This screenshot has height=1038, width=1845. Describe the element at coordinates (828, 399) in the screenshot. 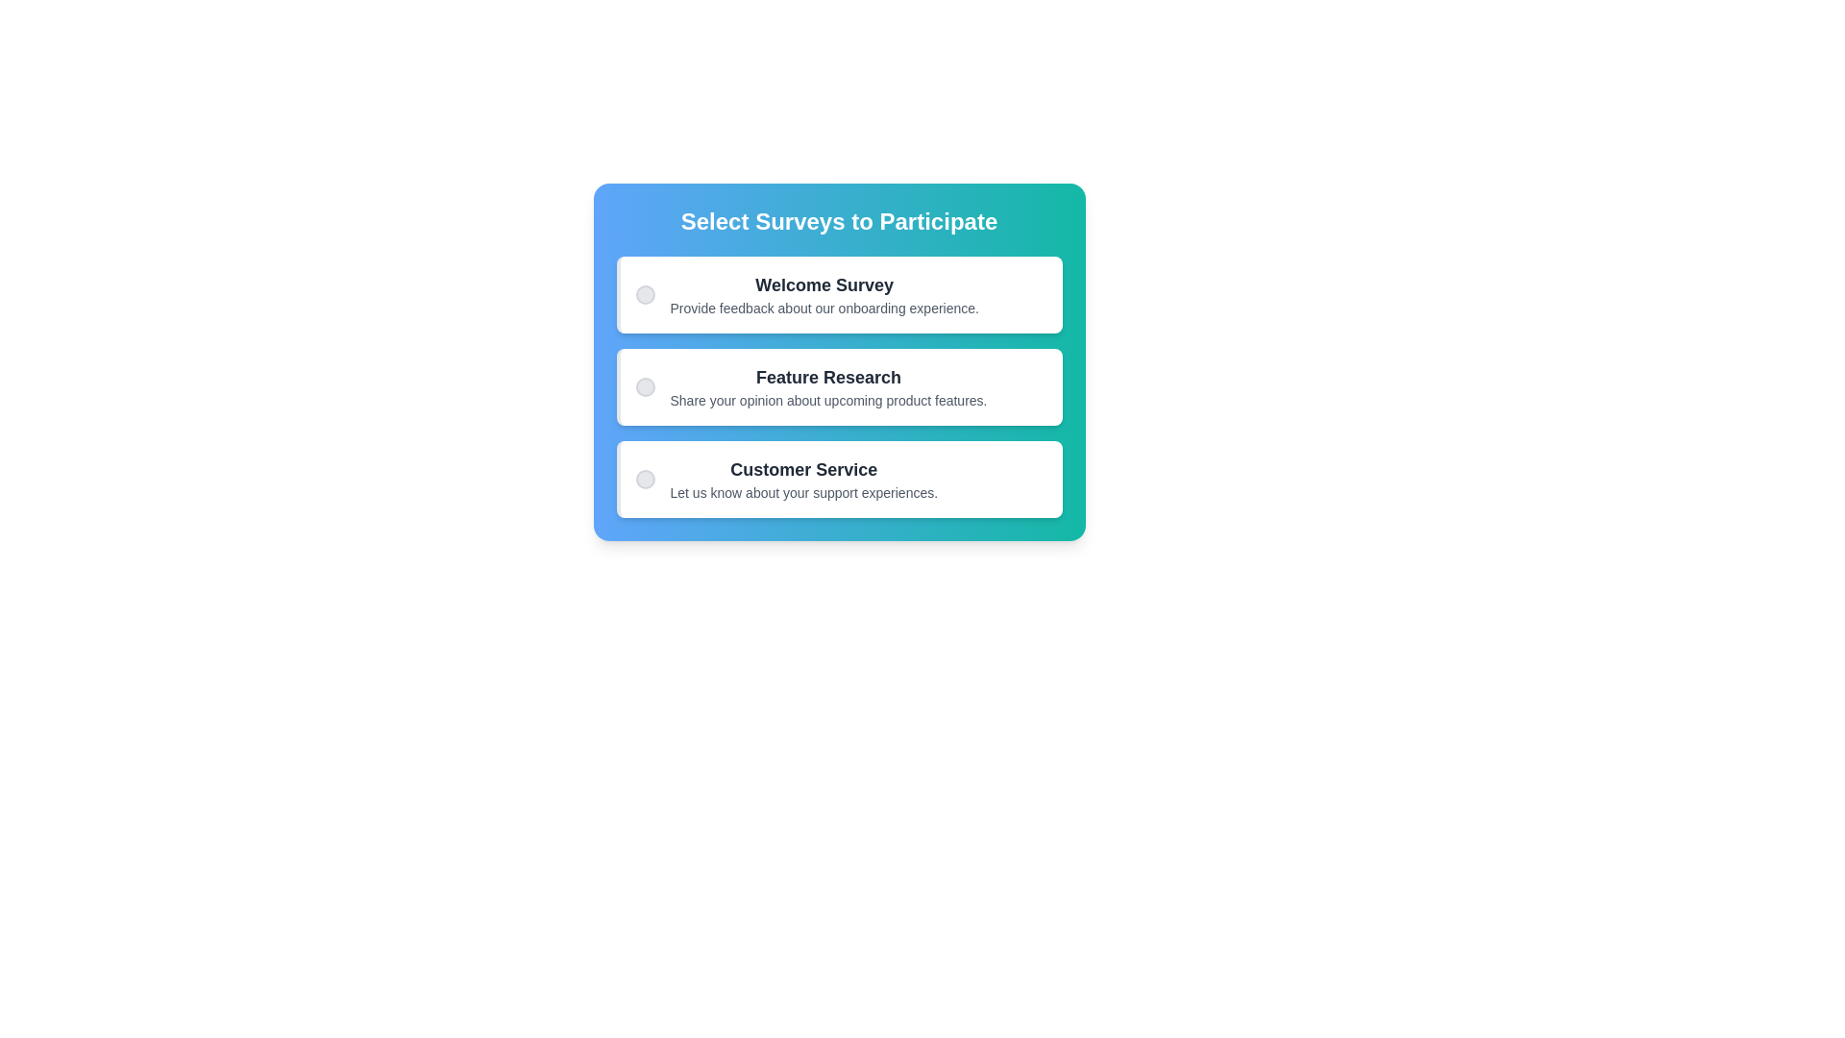

I see `instruction text displayed as 'Share your opinion about upcoming product features.' located beneath the header 'Feature Research' in the second survey option box` at that location.